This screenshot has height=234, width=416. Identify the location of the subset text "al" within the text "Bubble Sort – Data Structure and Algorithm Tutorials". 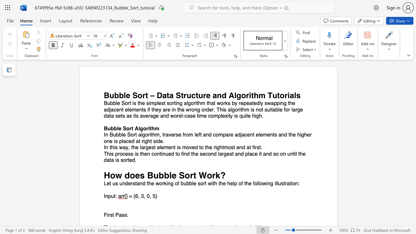
(289, 95).